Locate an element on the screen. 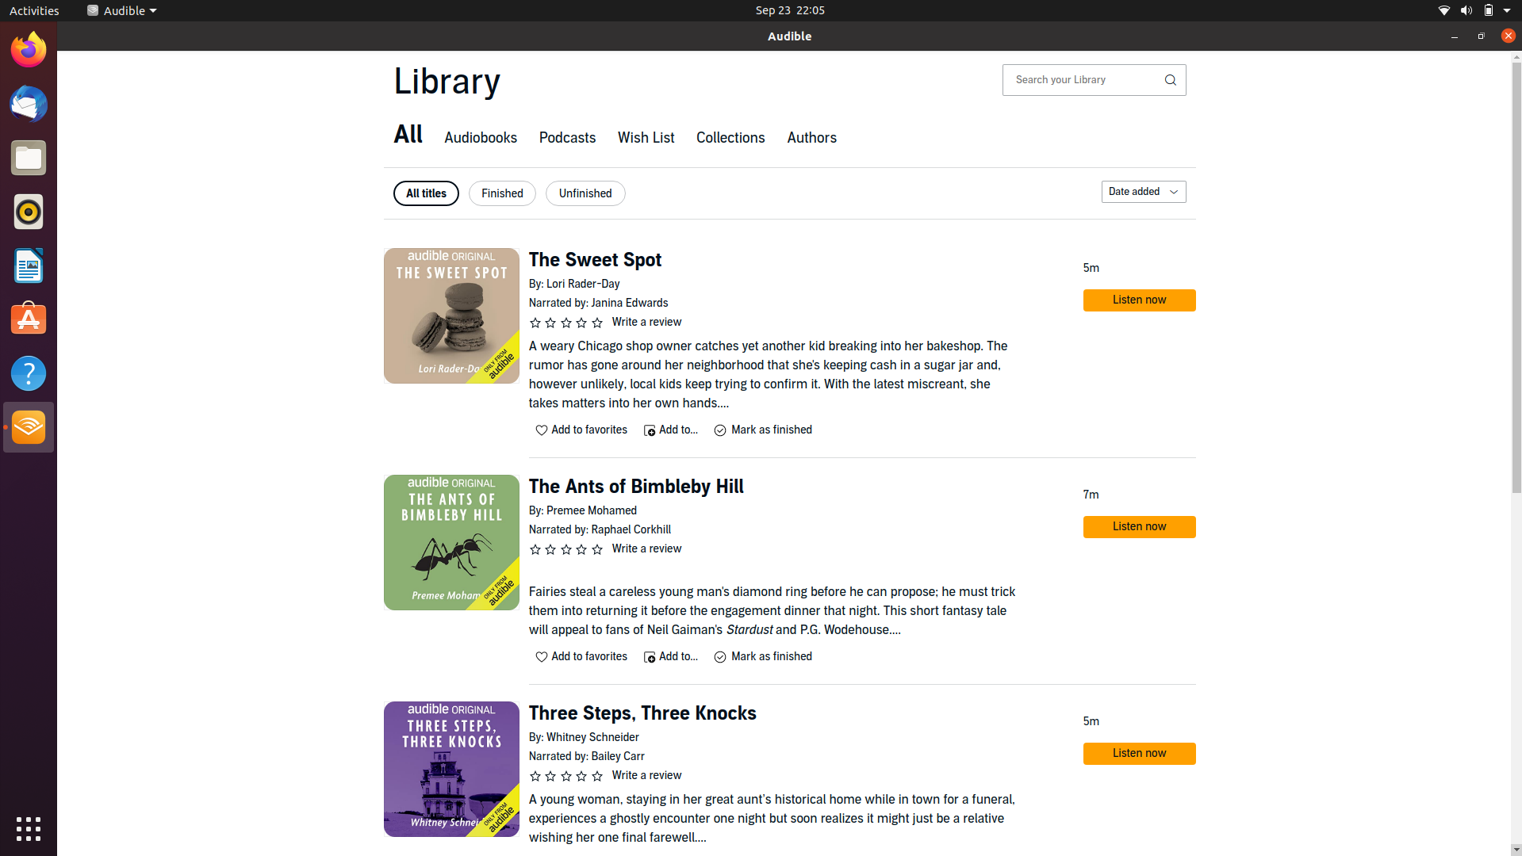  the authors tab is located at coordinates (811, 139).